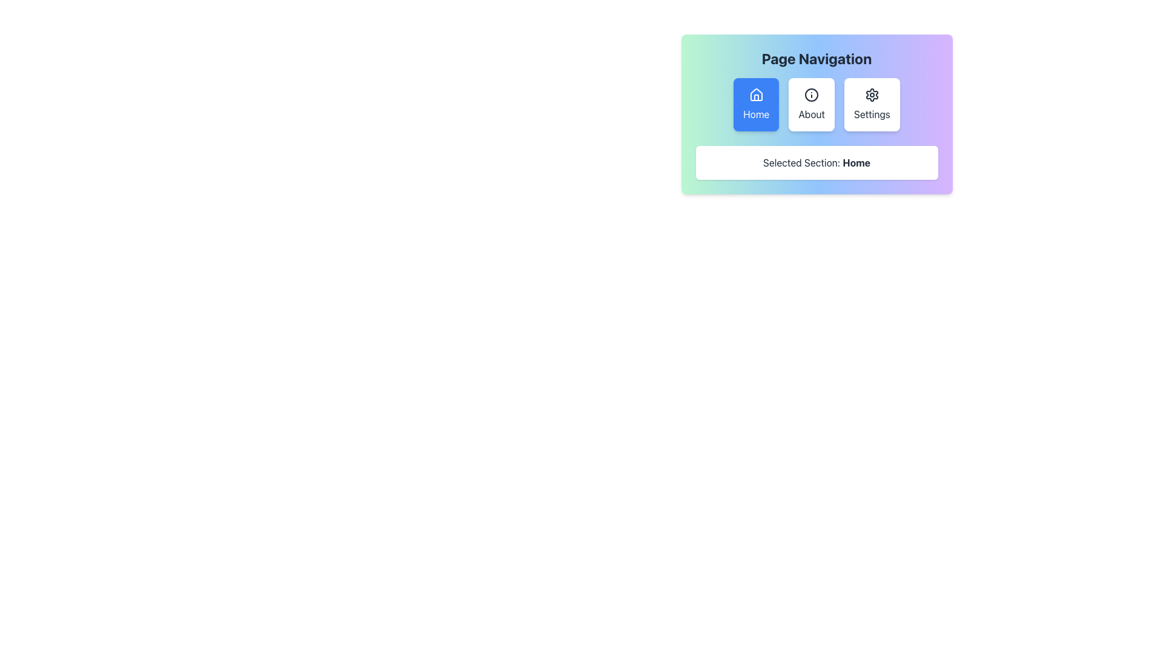 This screenshot has height=654, width=1163. I want to click on text label displaying 'Home' located at the bottom center of the blue rectangular background of the 'Home' navigation button in the 'Page Navigation' panel, so click(755, 114).